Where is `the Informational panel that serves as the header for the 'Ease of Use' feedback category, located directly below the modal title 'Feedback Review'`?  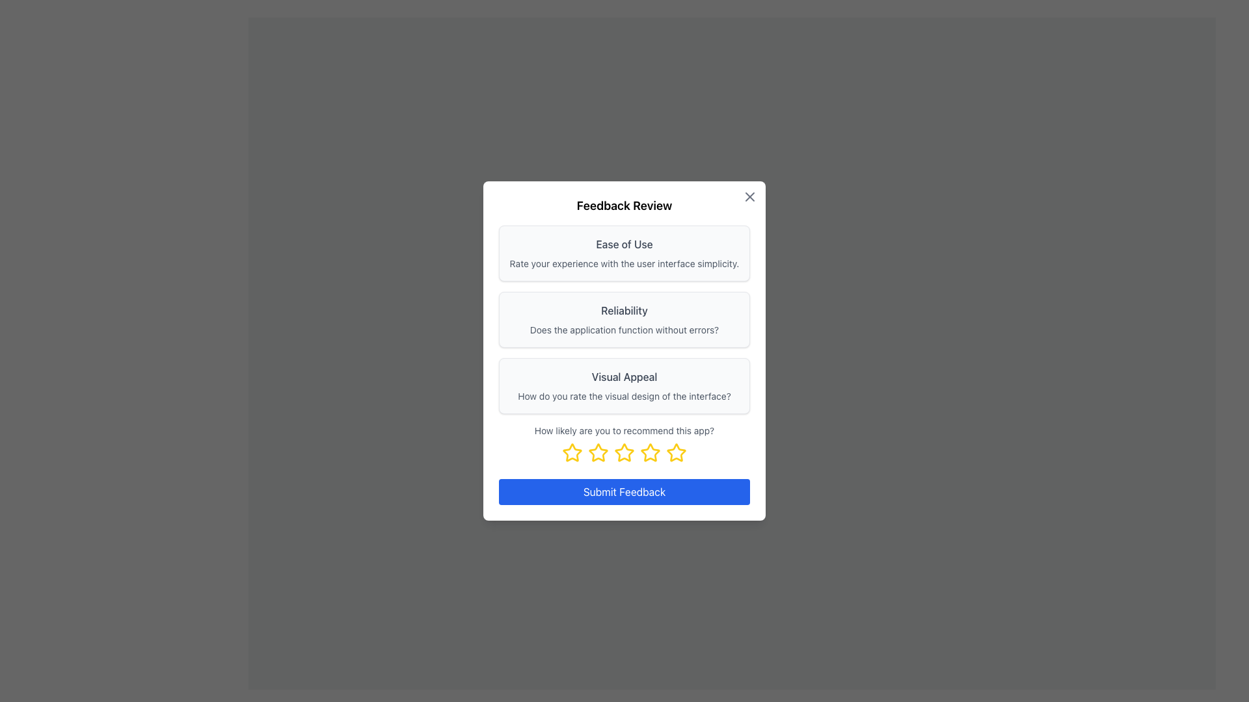
the Informational panel that serves as the header for the 'Ease of Use' feedback category, located directly below the modal title 'Feedback Review' is located at coordinates (624, 253).